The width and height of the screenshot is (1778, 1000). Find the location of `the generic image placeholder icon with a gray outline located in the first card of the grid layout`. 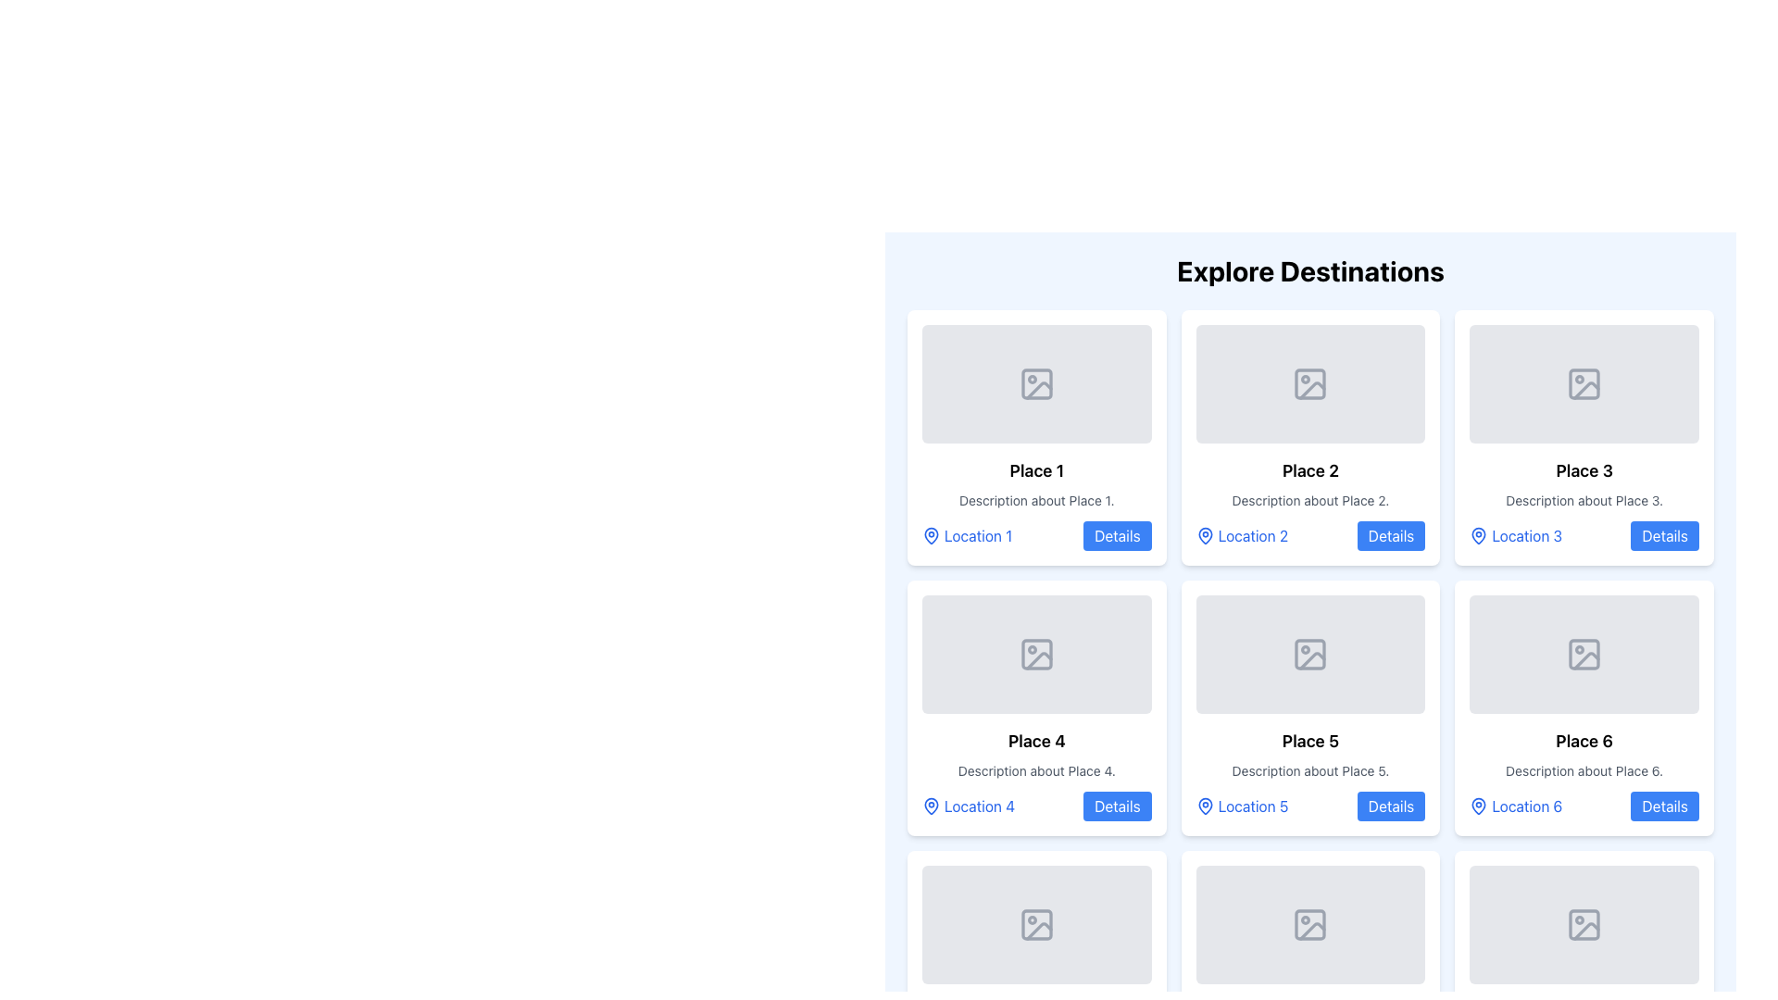

the generic image placeholder icon with a gray outline located in the first card of the grid layout is located at coordinates (1035, 383).